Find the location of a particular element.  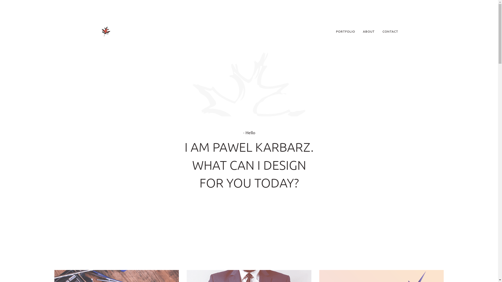

'ABOUT' is located at coordinates (368, 31).